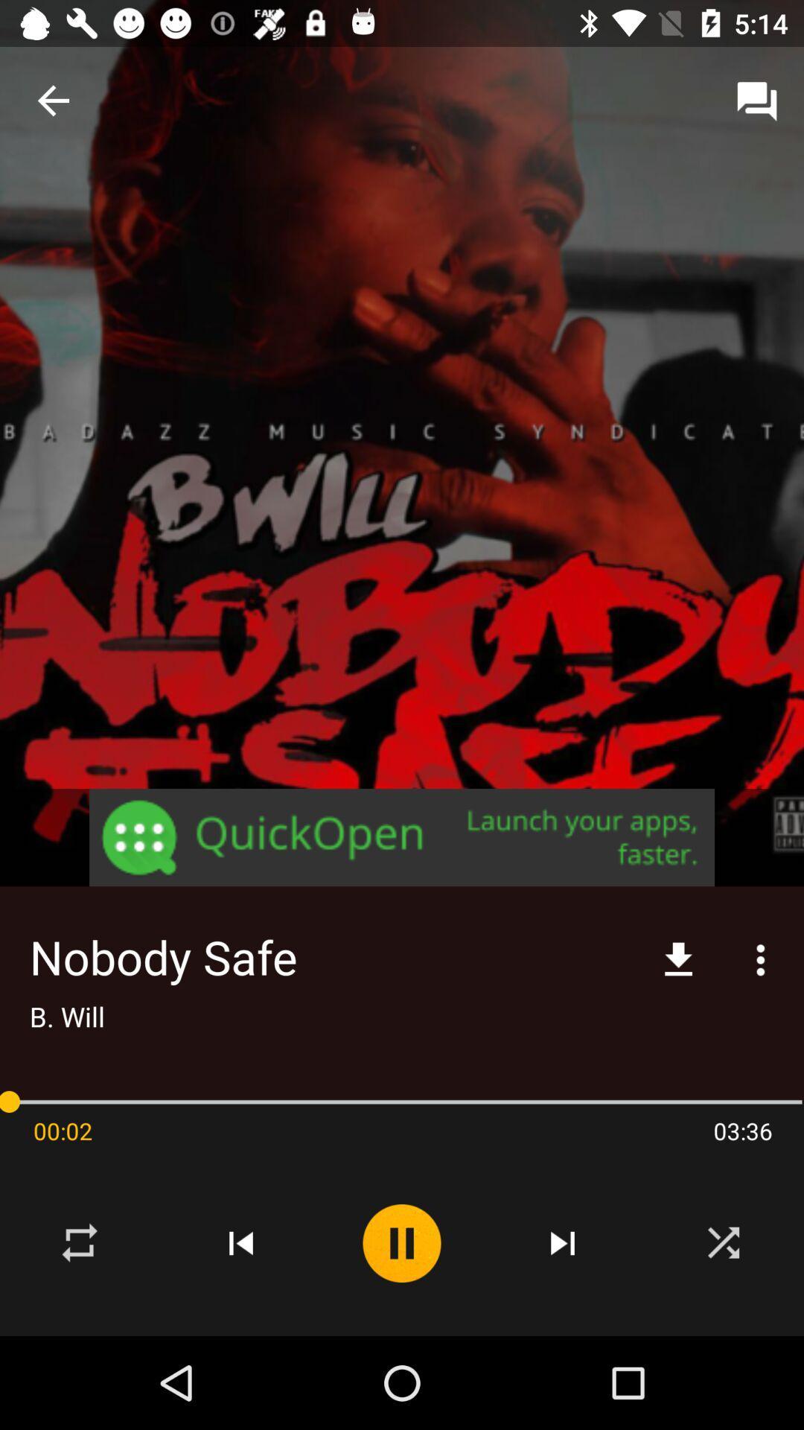 This screenshot has height=1430, width=804. Describe the element at coordinates (678, 960) in the screenshot. I see `the file_download icon` at that location.